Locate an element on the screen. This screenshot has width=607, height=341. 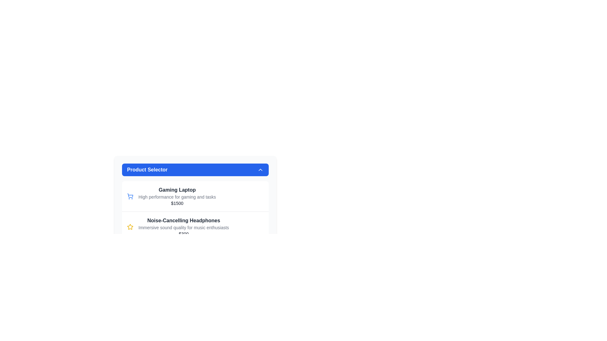
the star-shaped icon representing the rating or favorite indicator for the 'Noise-Cancelling Headphones' is located at coordinates (130, 226).